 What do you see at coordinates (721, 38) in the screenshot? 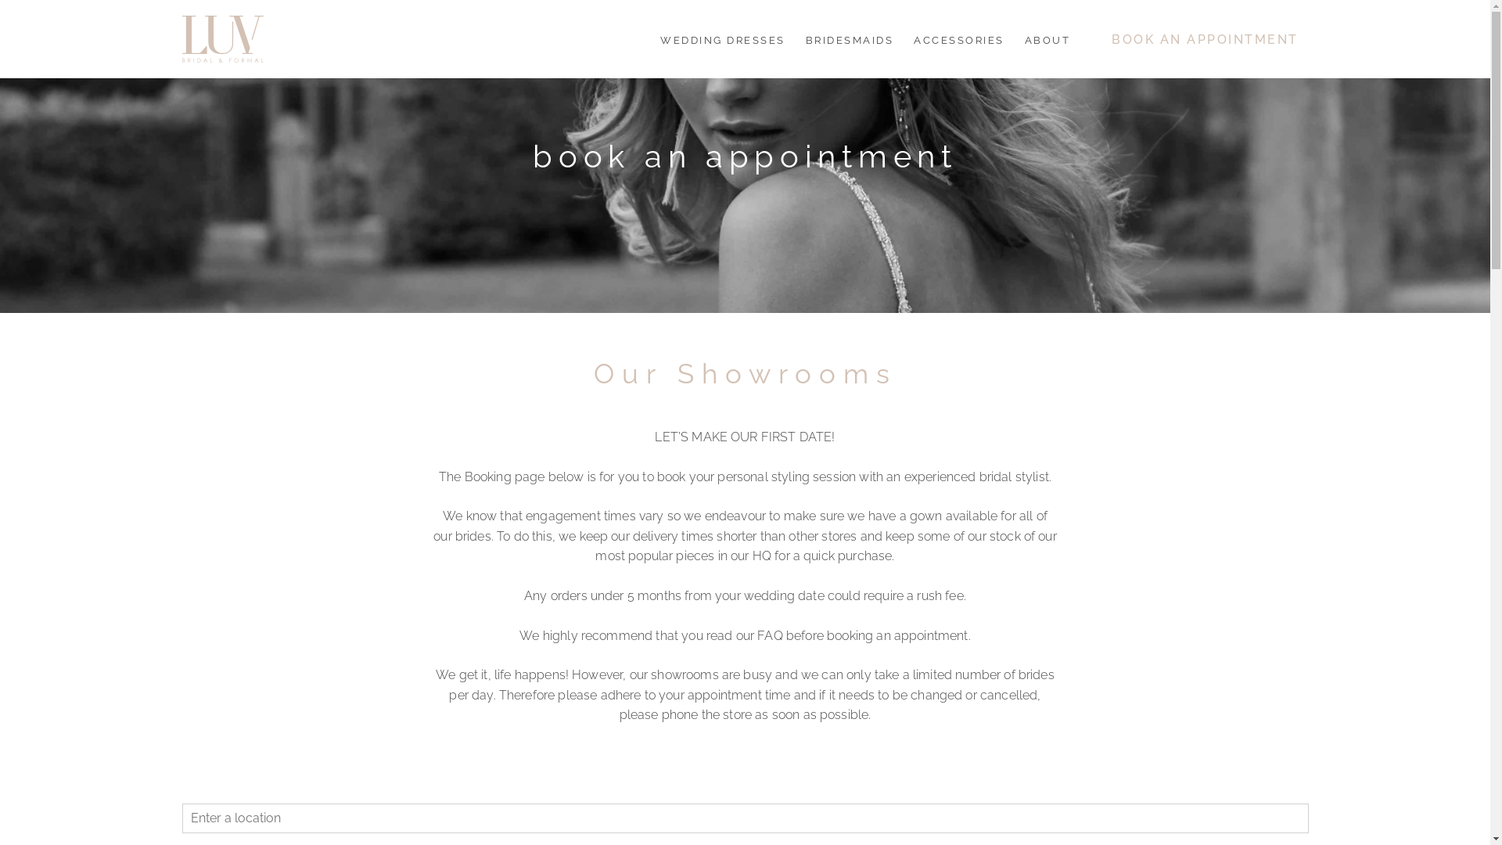
I see `'WEDDING DRESSES'` at bounding box center [721, 38].